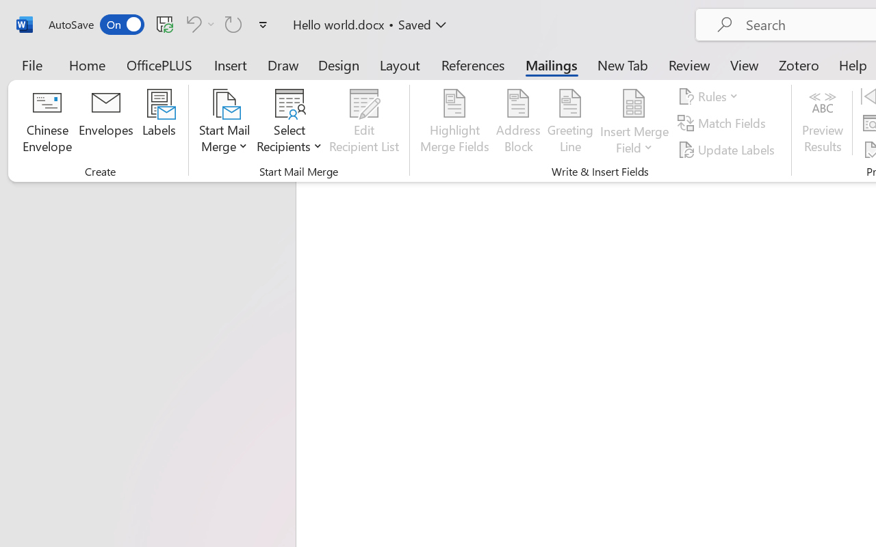  What do you see at coordinates (744, 64) in the screenshot?
I see `'View'` at bounding box center [744, 64].